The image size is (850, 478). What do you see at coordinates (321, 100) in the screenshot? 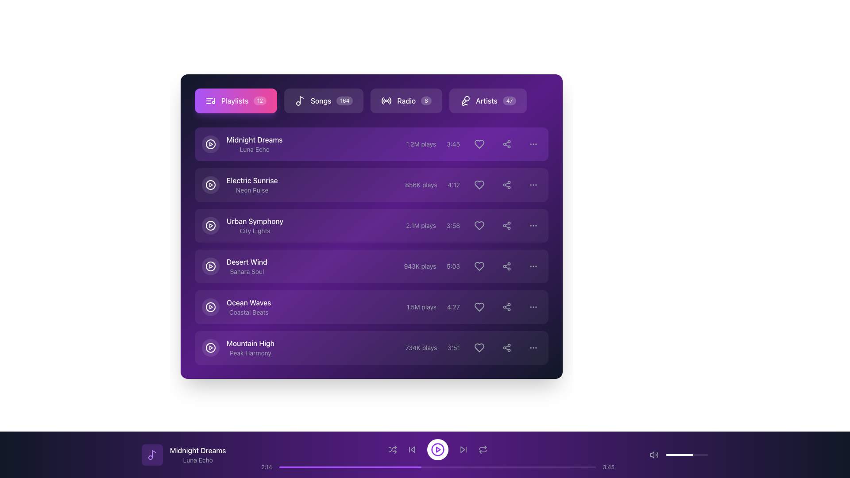
I see `the content of the text label reading 'Songs' in the second position of the horizontal navigation bar` at bounding box center [321, 100].